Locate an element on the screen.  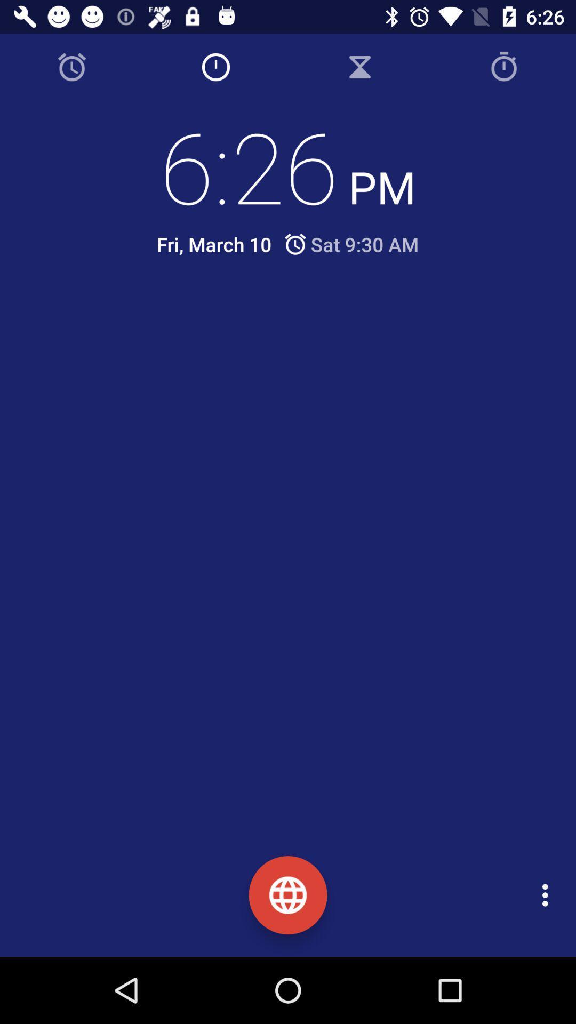
the icon to the left of the sat 9 30 icon is located at coordinates (214, 244).